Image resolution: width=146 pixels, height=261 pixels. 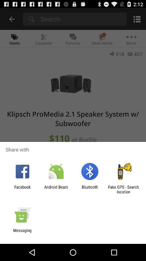 I want to click on the messaging icon, so click(x=22, y=232).